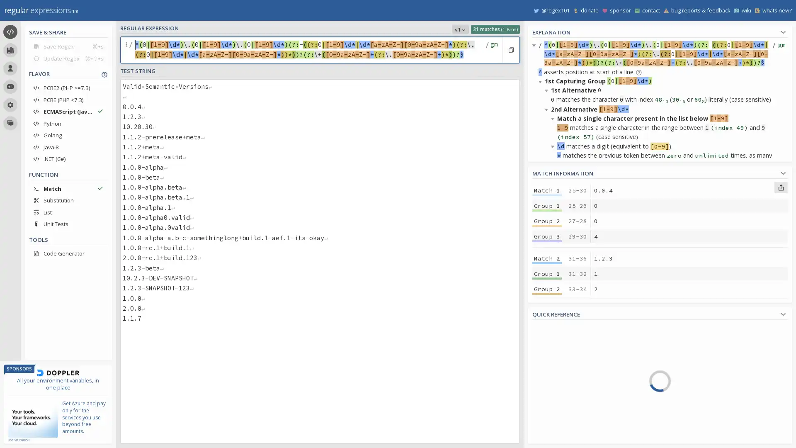 This screenshot has width=796, height=448. What do you see at coordinates (701, 352) in the screenshot?
I see `A character in the range: a-z [a-z]` at bounding box center [701, 352].